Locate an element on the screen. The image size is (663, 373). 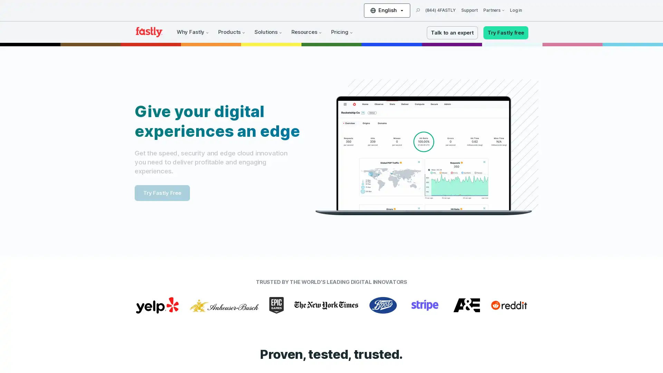
Cookies Settings is located at coordinates (70, 347).